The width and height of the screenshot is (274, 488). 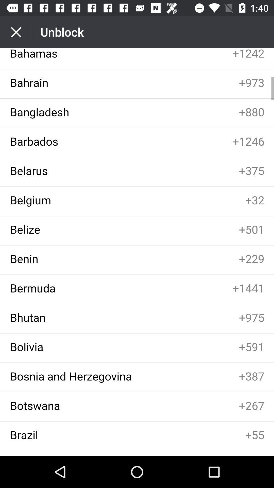 What do you see at coordinates (137, 252) in the screenshot?
I see `location name` at bounding box center [137, 252].